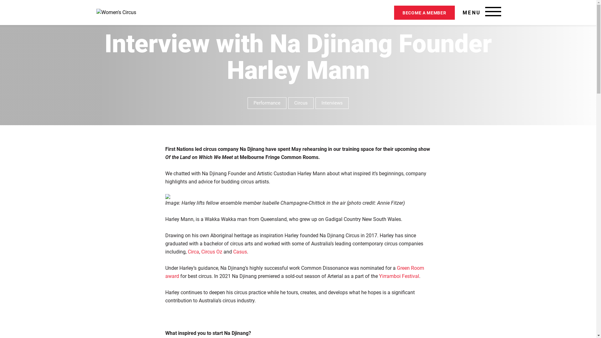  Describe the element at coordinates (193, 251) in the screenshot. I see `'Circa'` at that location.